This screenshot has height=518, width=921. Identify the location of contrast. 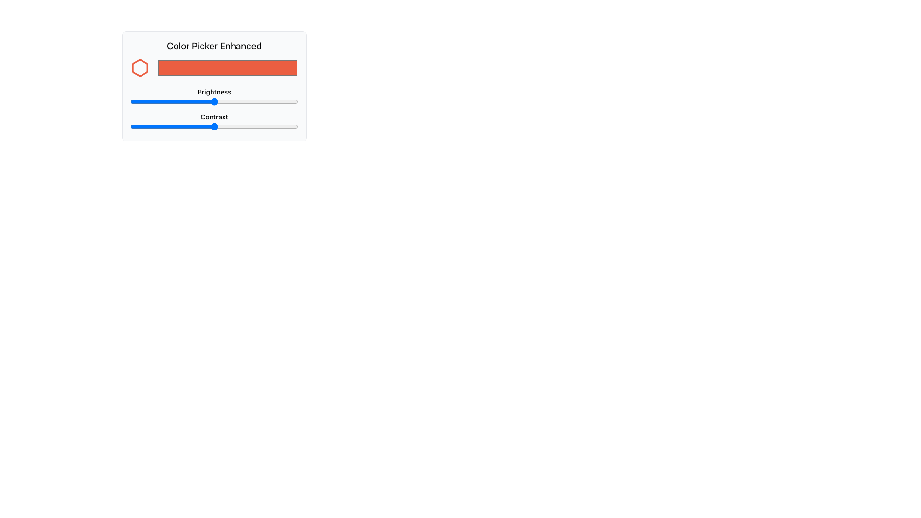
(217, 126).